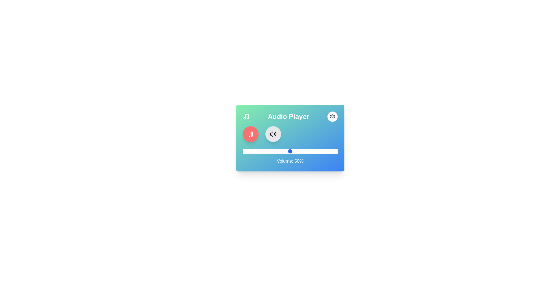 This screenshot has height=305, width=542. I want to click on the settings button located at the top-right corner of the 'Audio Player' interface, so click(332, 116).